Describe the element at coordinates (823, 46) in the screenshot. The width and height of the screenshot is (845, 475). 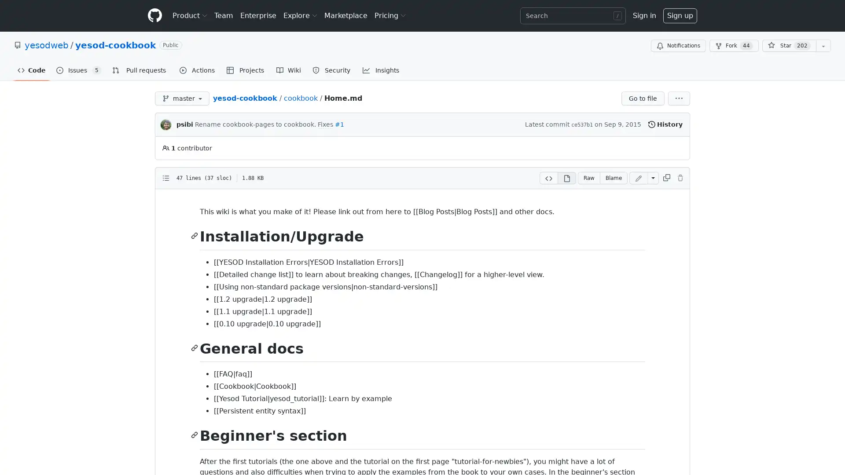
I see `You must be signed in to add this repository to a list` at that location.